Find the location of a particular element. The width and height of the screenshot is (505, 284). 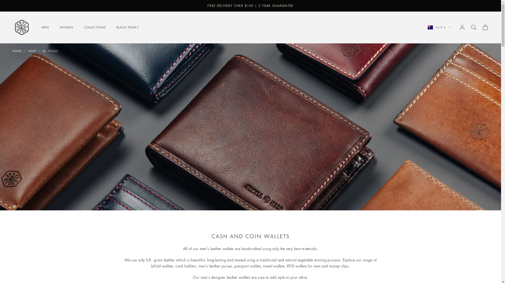

'HOME' is located at coordinates (13, 51).